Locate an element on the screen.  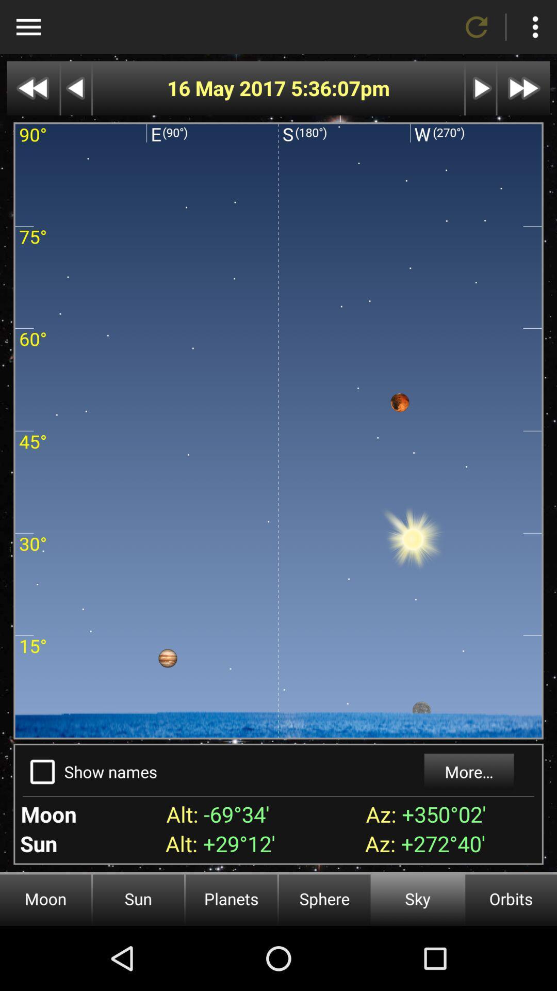
the play icon is located at coordinates (481, 88).